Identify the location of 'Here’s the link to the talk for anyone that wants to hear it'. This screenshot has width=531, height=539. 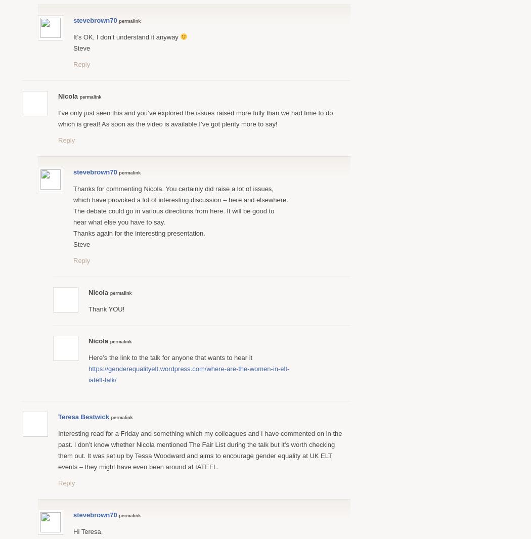
(170, 356).